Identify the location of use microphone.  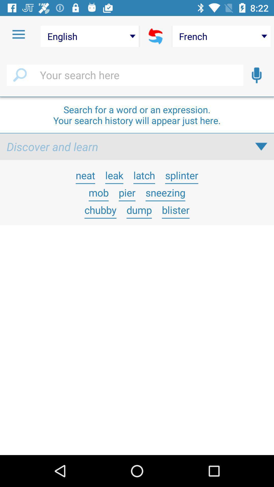
(256, 75).